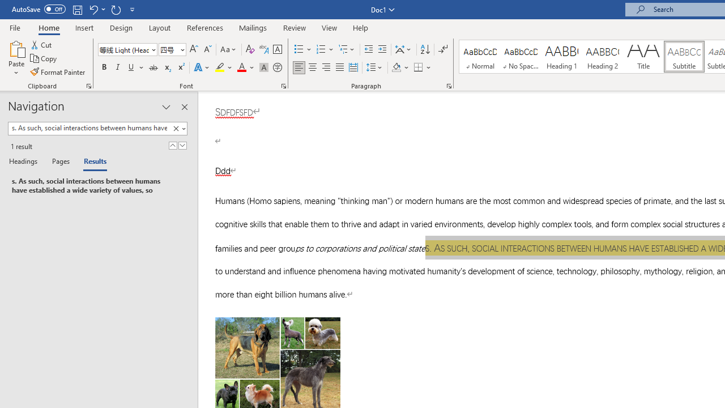 The height and width of the screenshot is (408, 725). Describe the element at coordinates (374, 67) in the screenshot. I see `'Line and Paragraph Spacing'` at that location.